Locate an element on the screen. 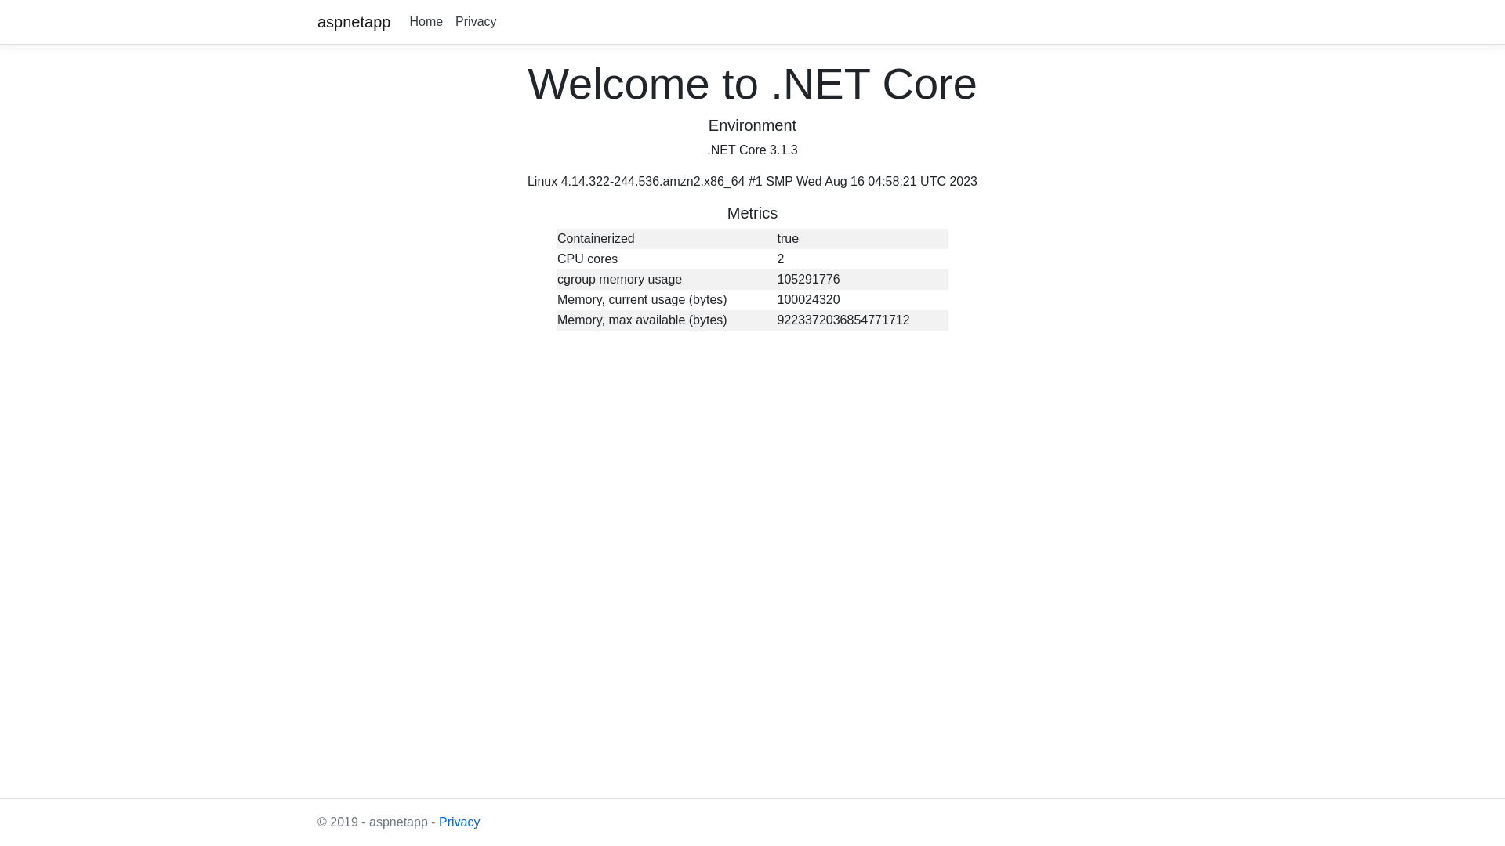  'aspnetapp' is located at coordinates (353, 21).